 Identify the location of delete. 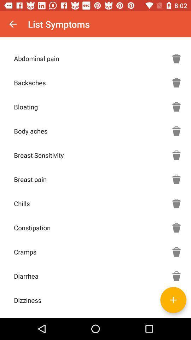
(176, 155).